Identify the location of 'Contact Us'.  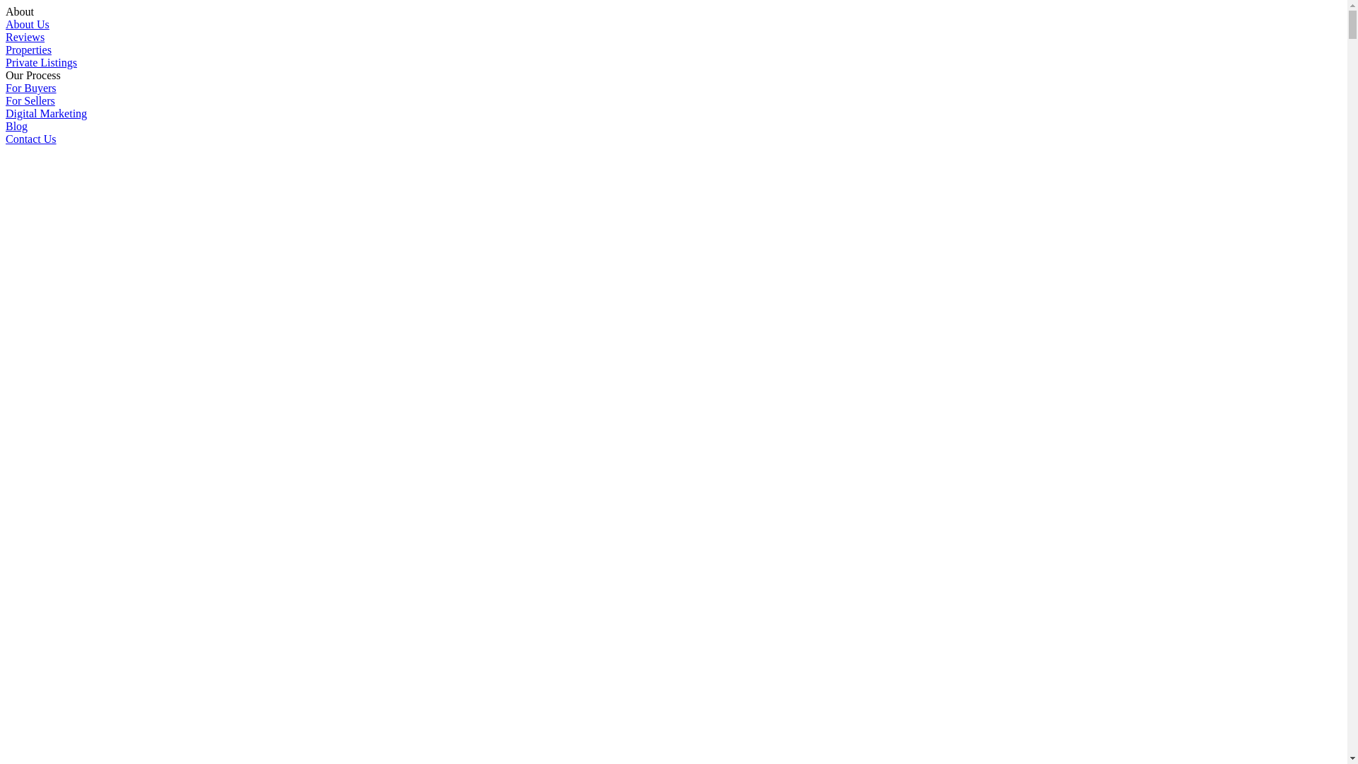
(6, 139).